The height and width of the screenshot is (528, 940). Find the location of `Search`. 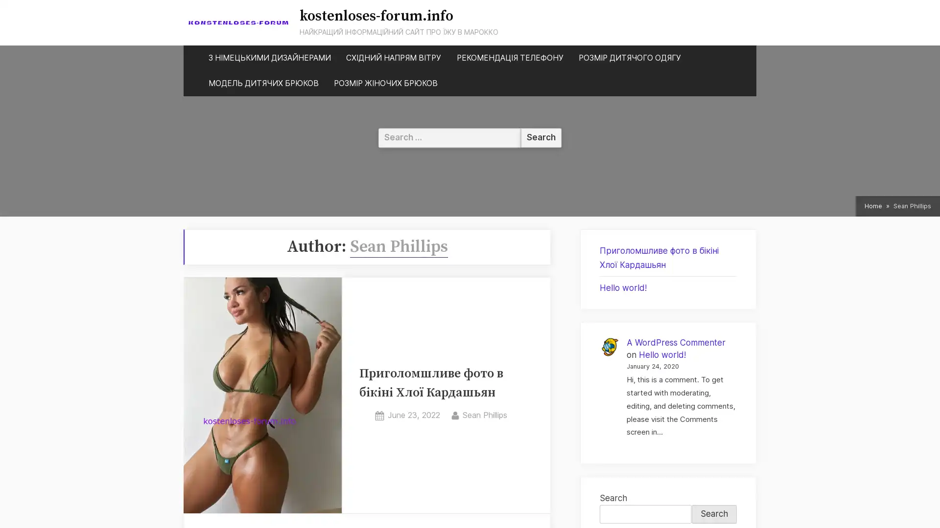

Search is located at coordinates (540, 137).